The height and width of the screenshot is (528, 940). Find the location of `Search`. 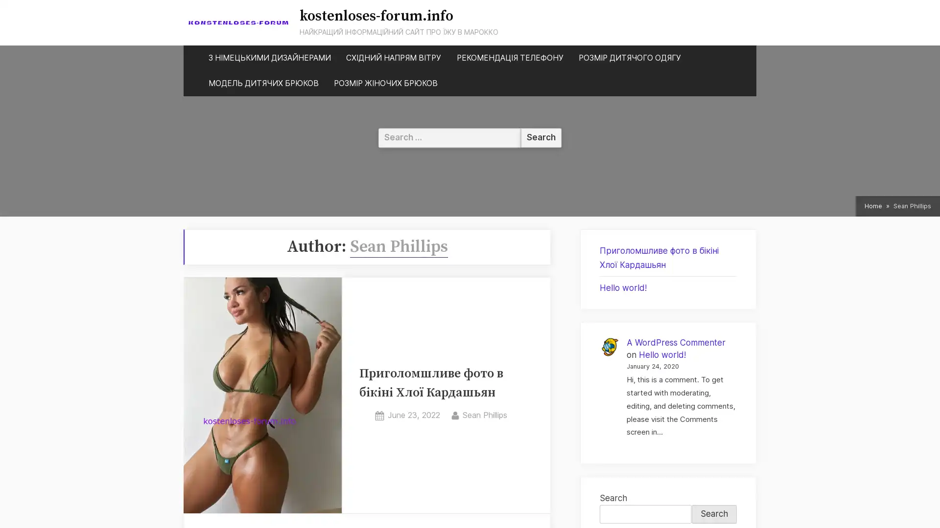

Search is located at coordinates (540, 137).